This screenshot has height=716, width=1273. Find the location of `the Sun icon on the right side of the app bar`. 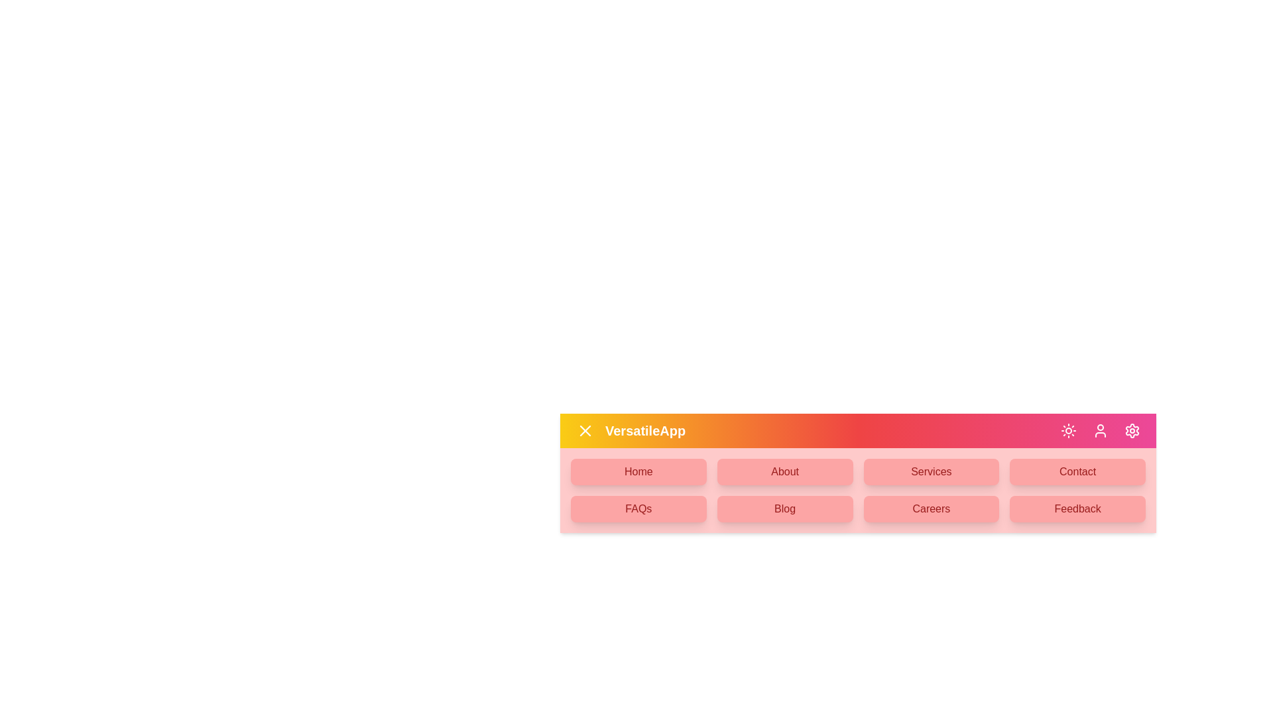

the Sun icon on the right side of the app bar is located at coordinates (1069, 431).